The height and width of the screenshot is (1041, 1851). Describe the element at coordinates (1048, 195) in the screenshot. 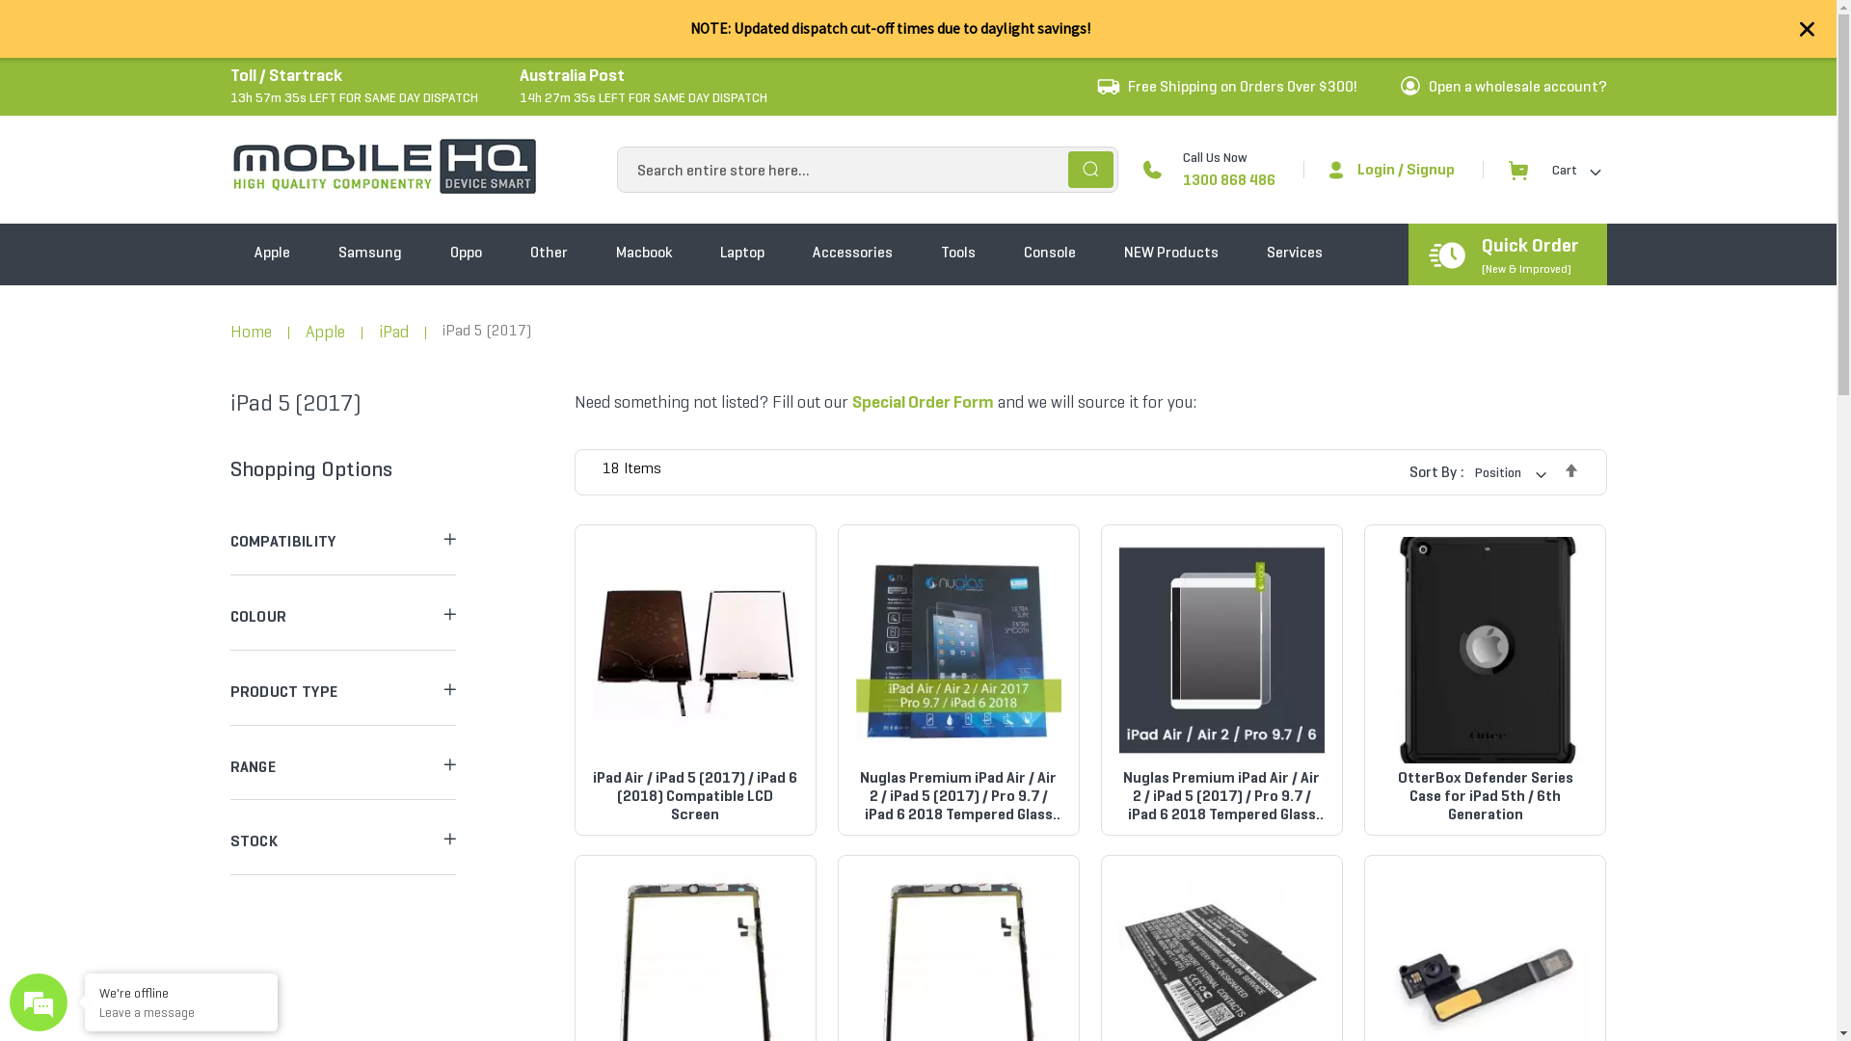

I see `'Console'` at that location.